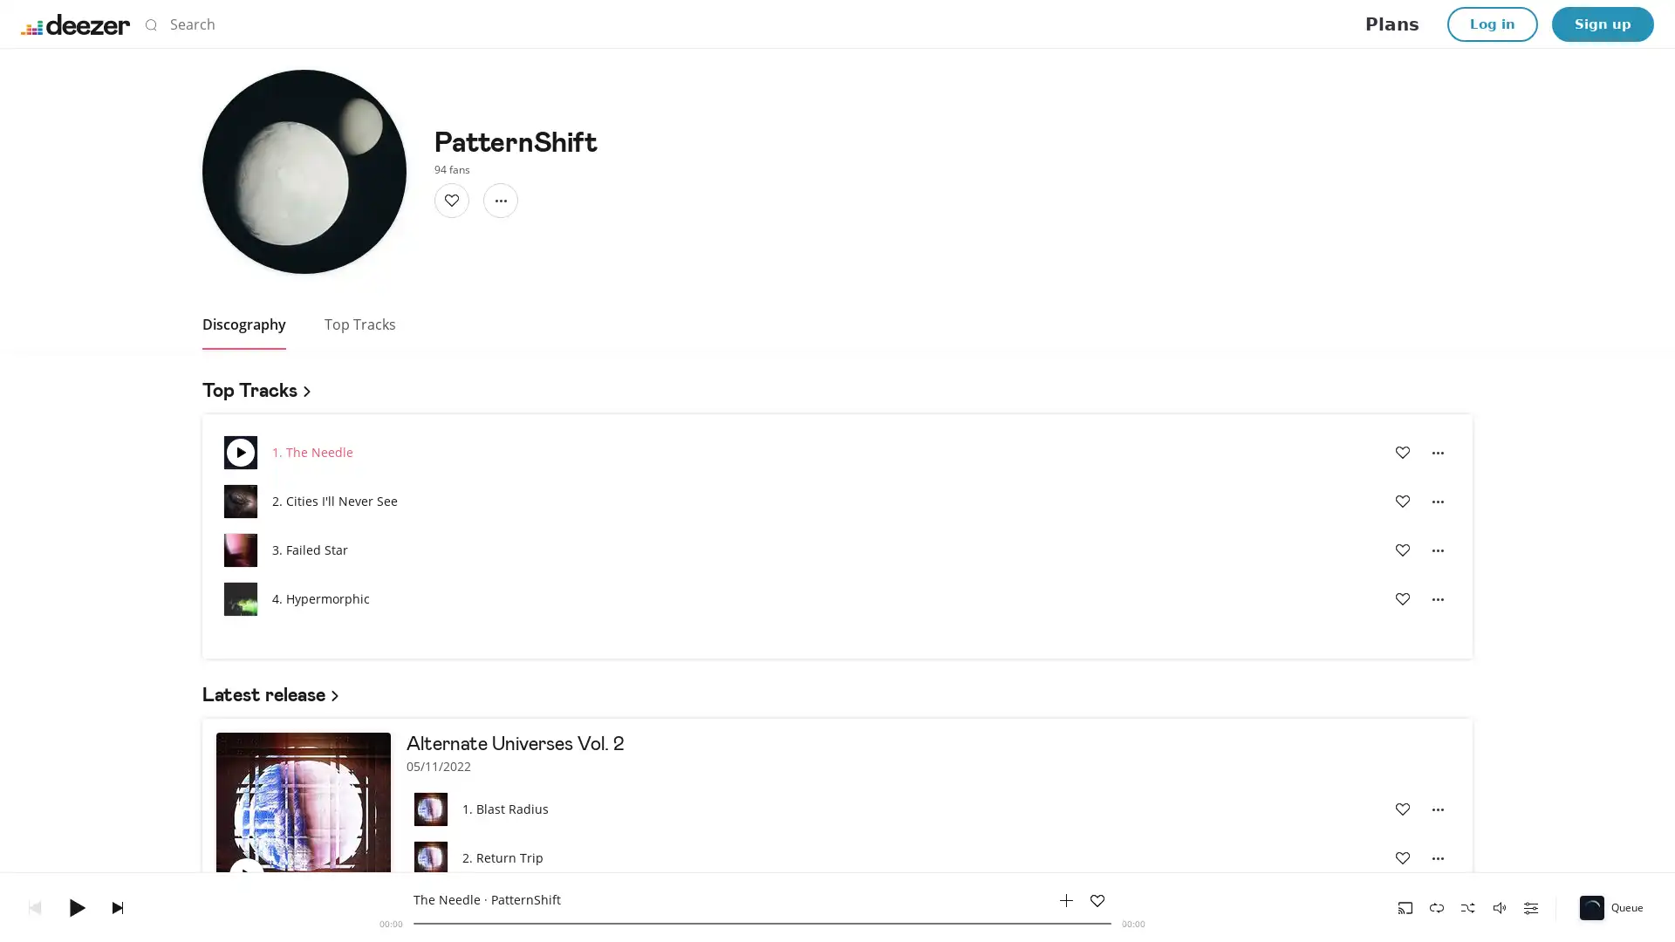  I want to click on Play Blast Radius by PatternShift, so click(431, 809).